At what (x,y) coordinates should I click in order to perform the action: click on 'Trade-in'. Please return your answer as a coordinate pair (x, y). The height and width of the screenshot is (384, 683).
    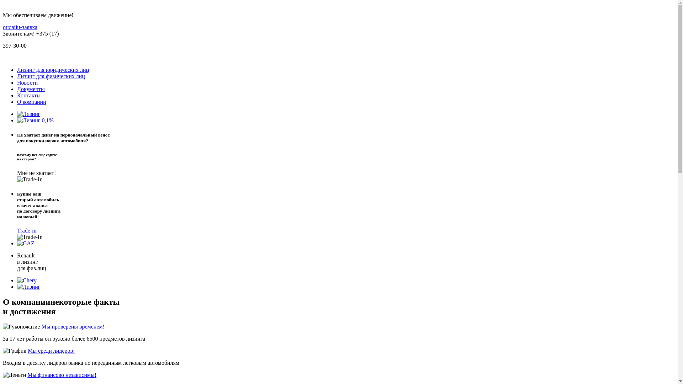
    Looking at the image, I should click on (27, 230).